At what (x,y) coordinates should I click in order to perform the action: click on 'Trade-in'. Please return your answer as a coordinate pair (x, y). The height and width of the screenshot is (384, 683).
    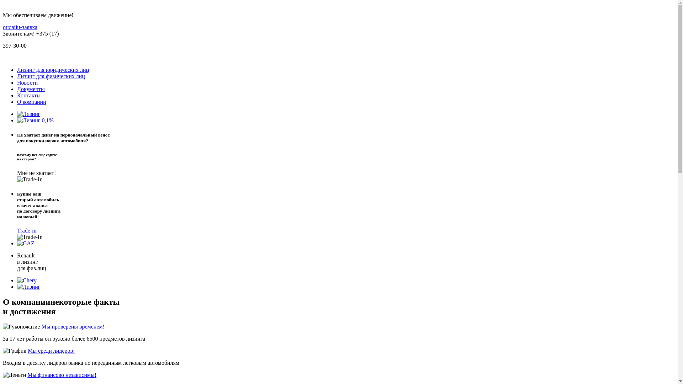
    Looking at the image, I should click on (27, 230).